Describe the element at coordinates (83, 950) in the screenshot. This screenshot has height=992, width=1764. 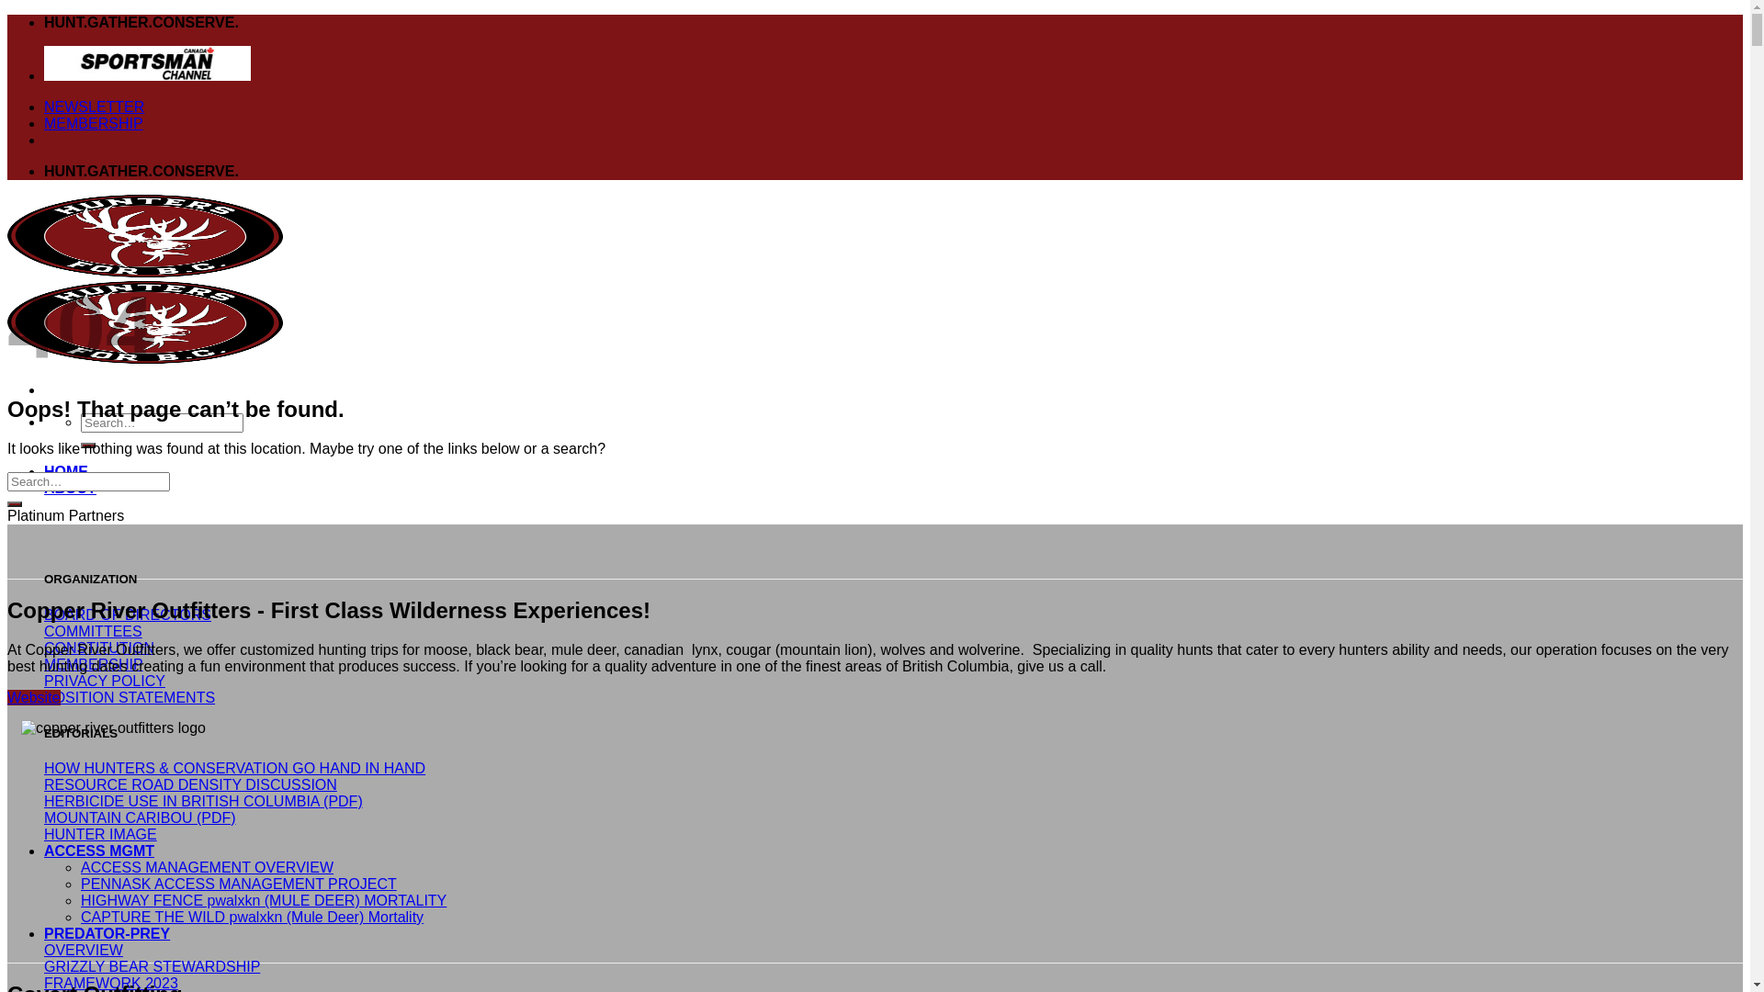
I see `'OVERVIEW'` at that location.